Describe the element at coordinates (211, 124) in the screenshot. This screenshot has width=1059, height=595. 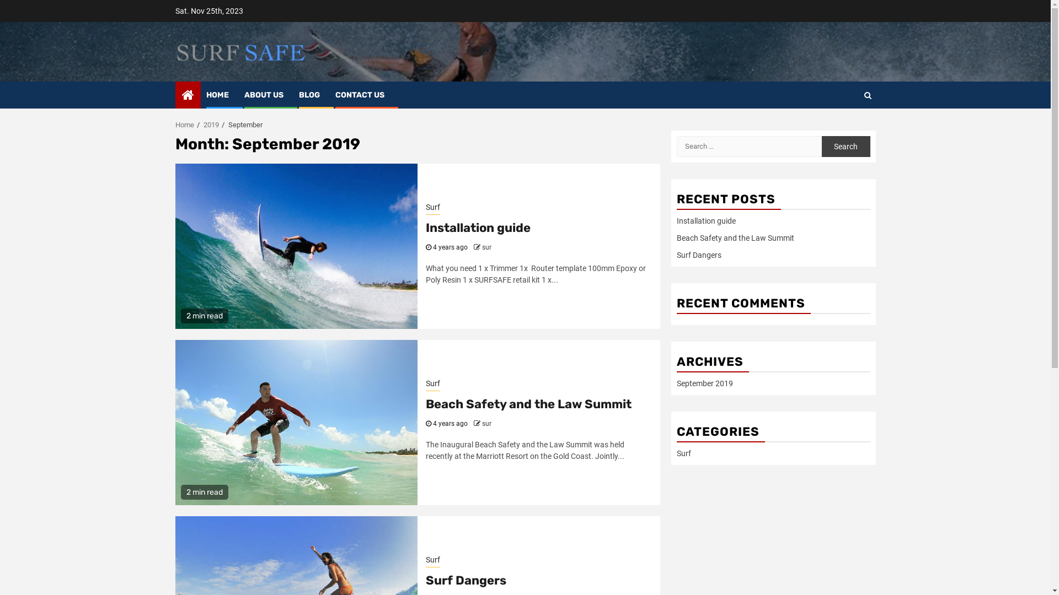
I see `'2019'` at that location.